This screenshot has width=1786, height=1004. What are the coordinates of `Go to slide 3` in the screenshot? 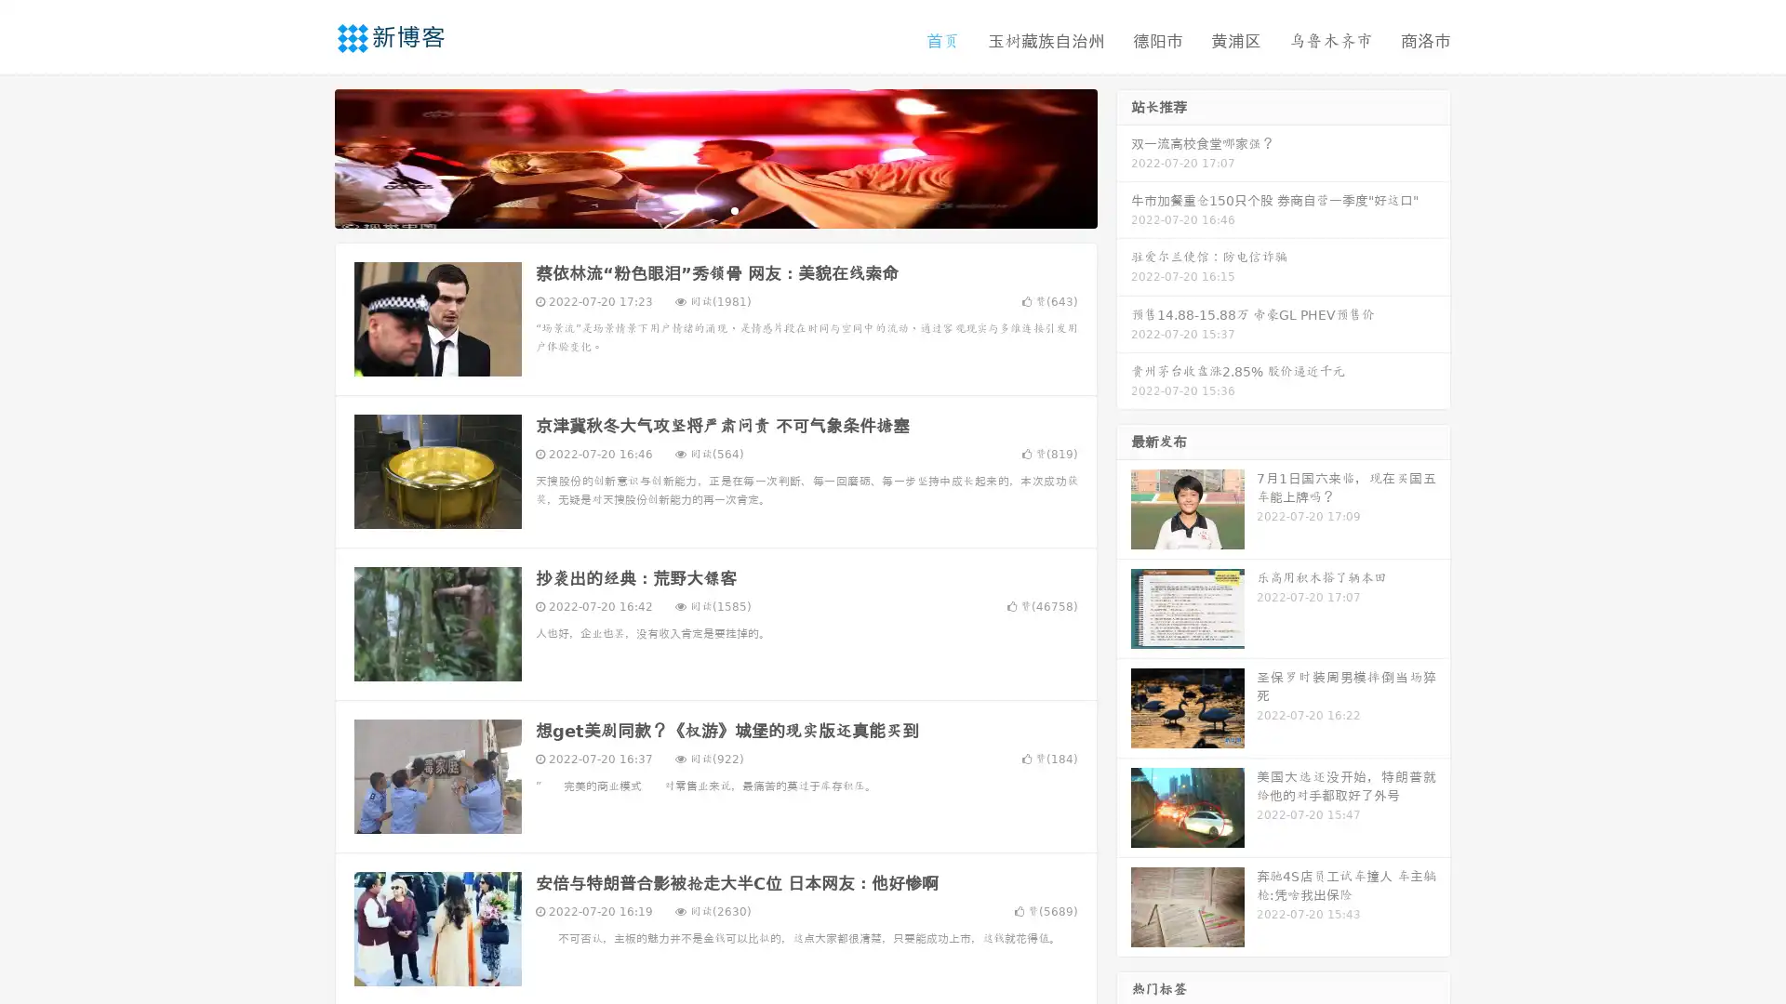 It's located at (734, 209).